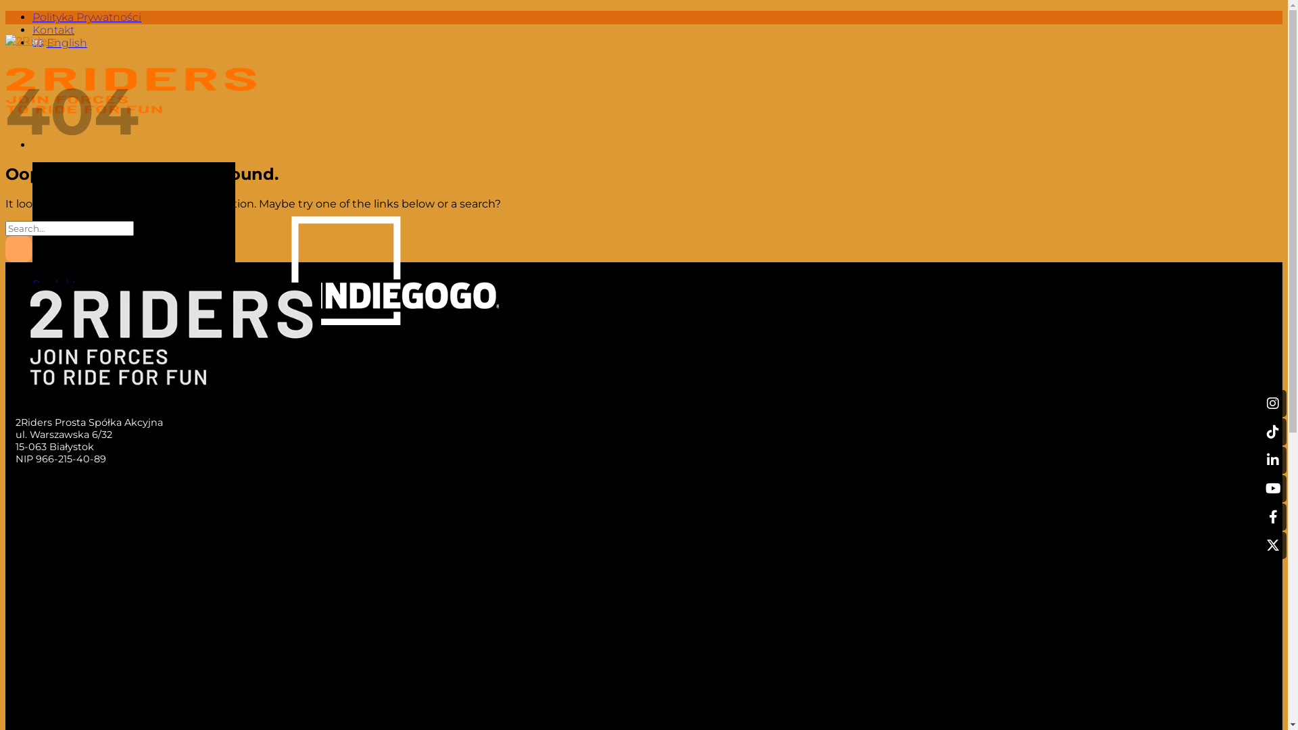  Describe the element at coordinates (5, 80) in the screenshot. I see `'2Riders - JOIN FORCES TO RIDE FOR FUN'` at that location.